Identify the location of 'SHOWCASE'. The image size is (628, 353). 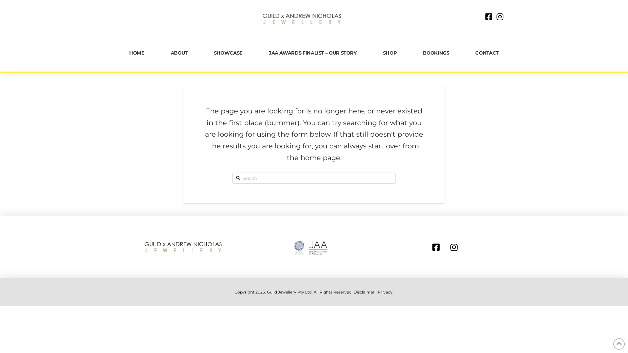
(207, 53).